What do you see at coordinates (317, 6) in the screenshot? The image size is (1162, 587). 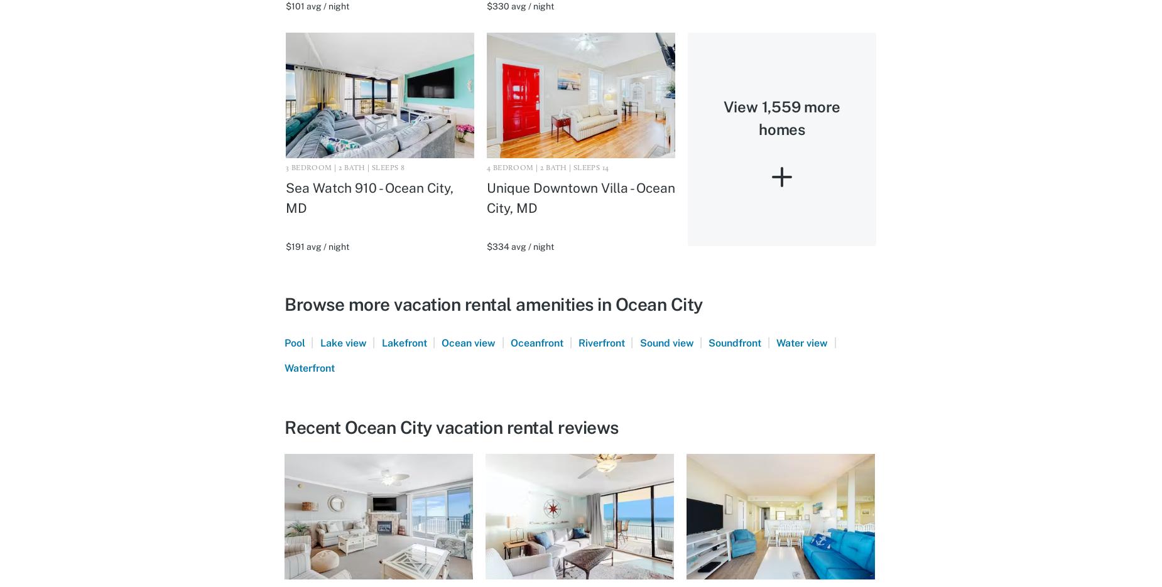 I see `'$101 avg / night'` at bounding box center [317, 6].